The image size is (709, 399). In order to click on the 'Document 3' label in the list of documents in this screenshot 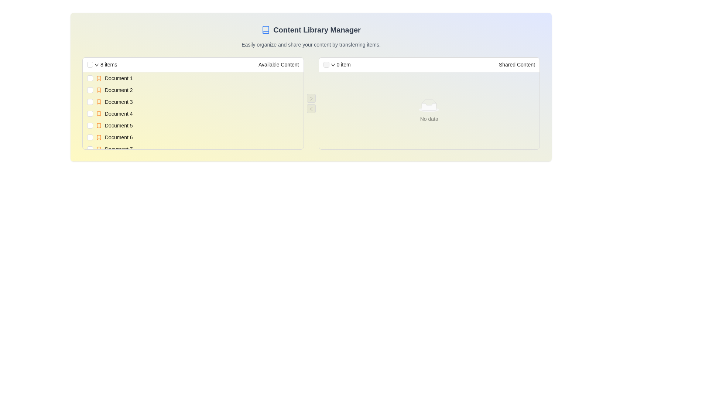, I will do `click(119, 102)`.